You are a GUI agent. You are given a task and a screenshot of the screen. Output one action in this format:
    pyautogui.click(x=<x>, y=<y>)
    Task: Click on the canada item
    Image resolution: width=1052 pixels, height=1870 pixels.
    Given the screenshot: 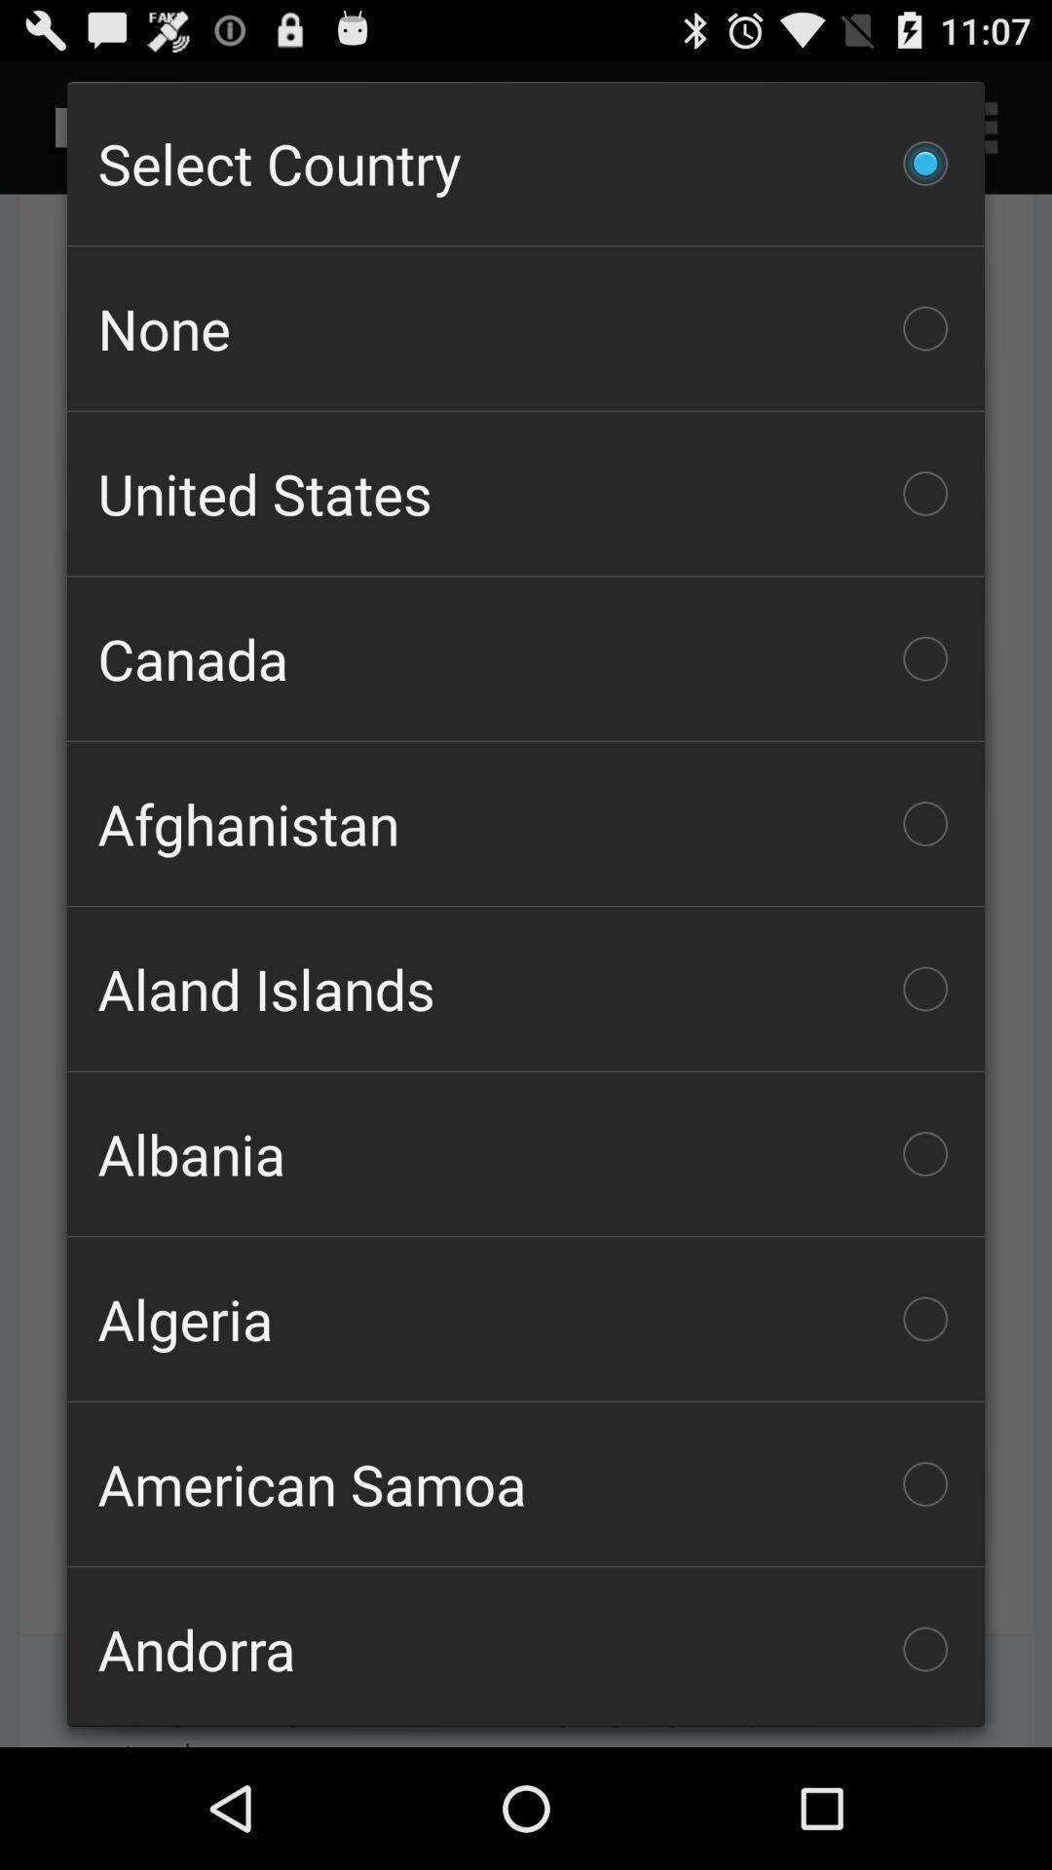 What is the action you would take?
    pyautogui.click(x=526, y=658)
    